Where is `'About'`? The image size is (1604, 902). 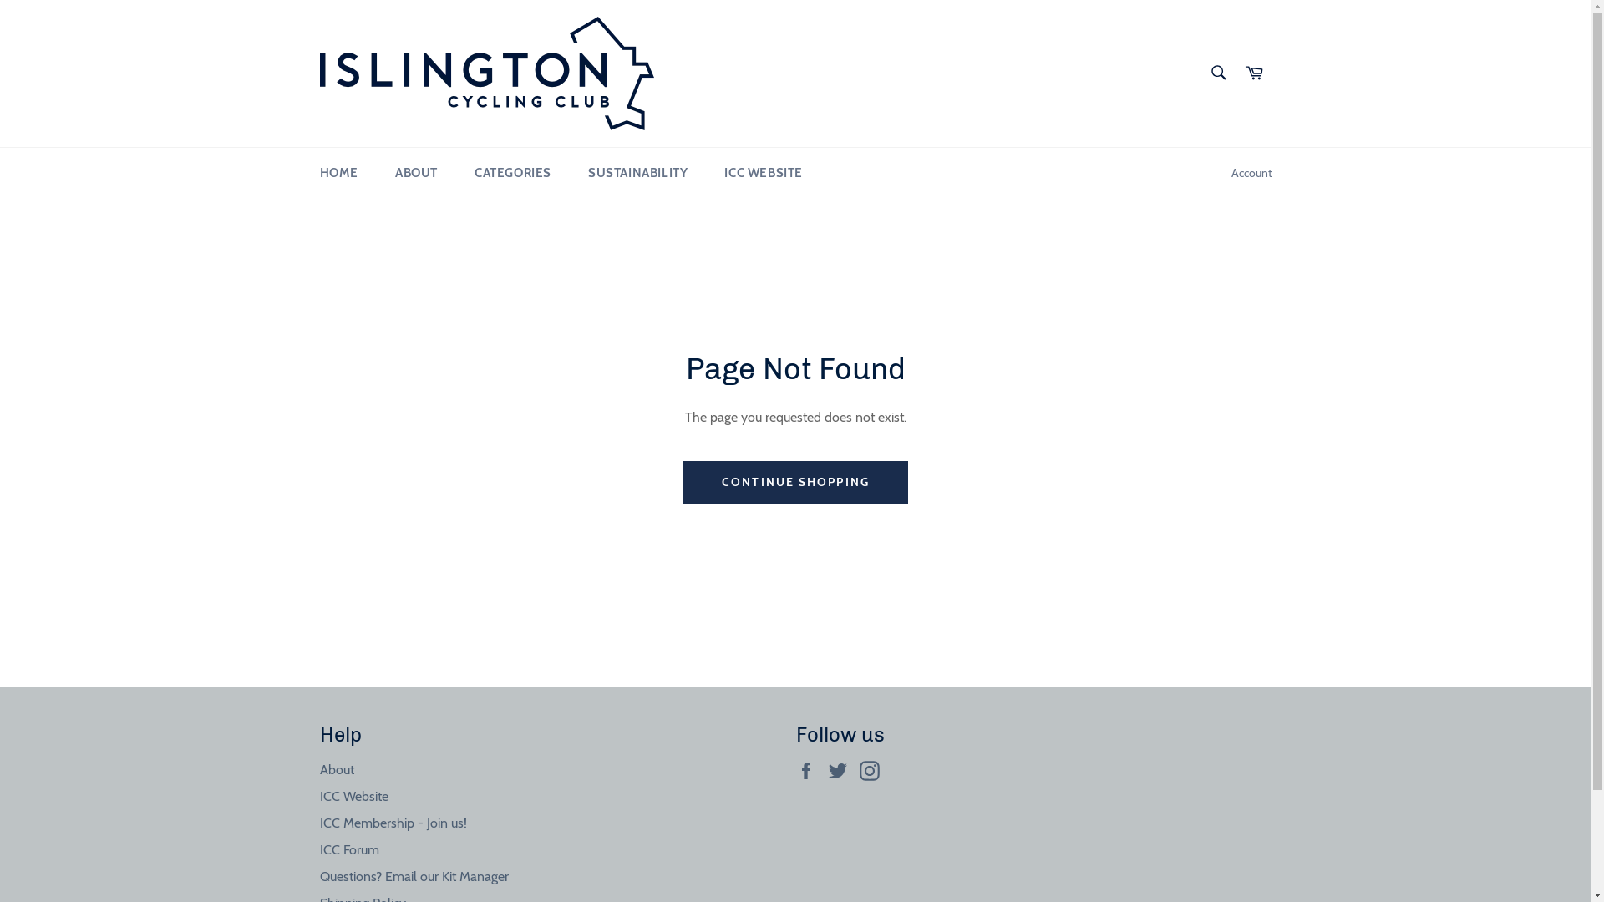
'About' is located at coordinates (319, 769).